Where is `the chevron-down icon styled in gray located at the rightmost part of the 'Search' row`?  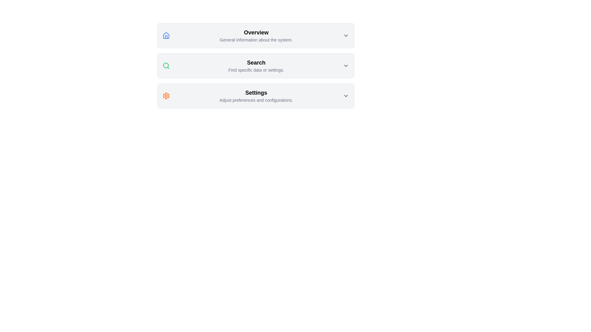 the chevron-down icon styled in gray located at the rightmost part of the 'Search' row is located at coordinates (346, 65).